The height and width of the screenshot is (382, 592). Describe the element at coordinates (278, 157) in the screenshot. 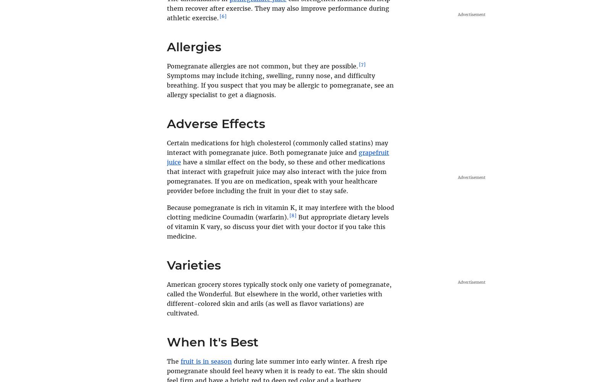

I see `'grapefruit juice'` at that location.